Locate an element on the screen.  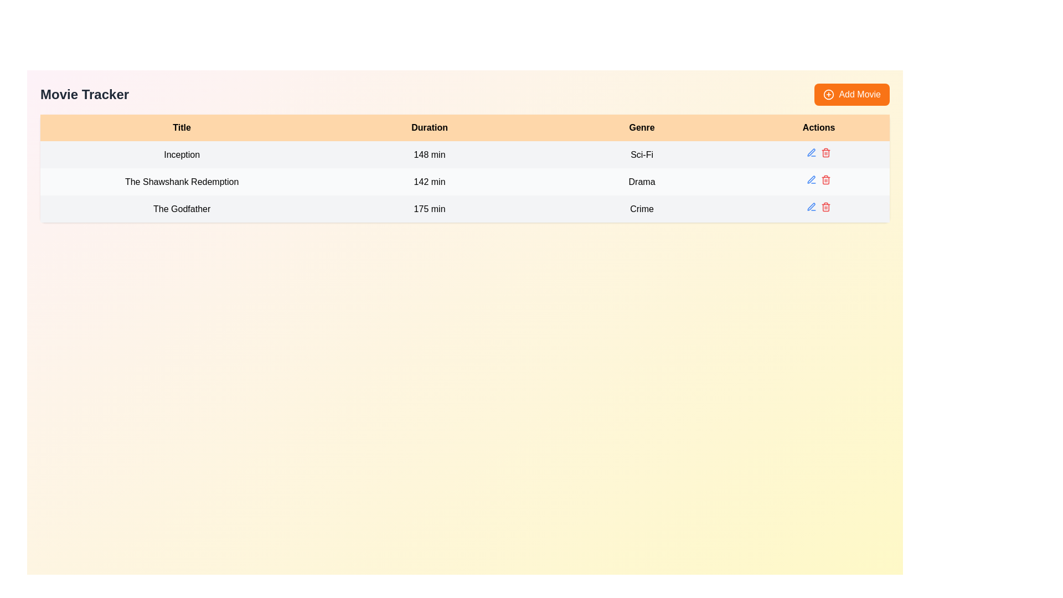
the trash can icon in the 'Actions' column of the table row linked to the movie 'The Shawshank Redemption' to initiate the delete action is located at coordinates (826, 180).